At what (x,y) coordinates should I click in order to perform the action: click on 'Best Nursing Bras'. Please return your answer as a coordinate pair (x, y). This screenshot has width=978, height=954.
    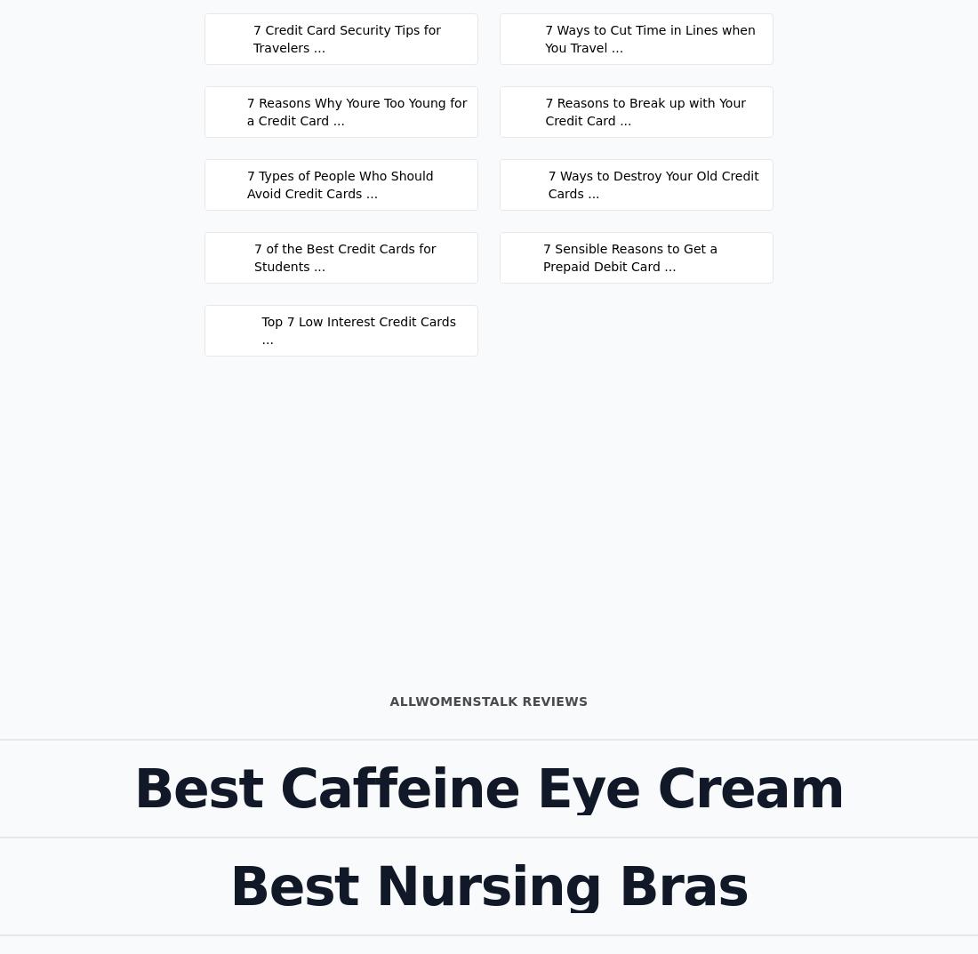
    Looking at the image, I should click on (488, 886).